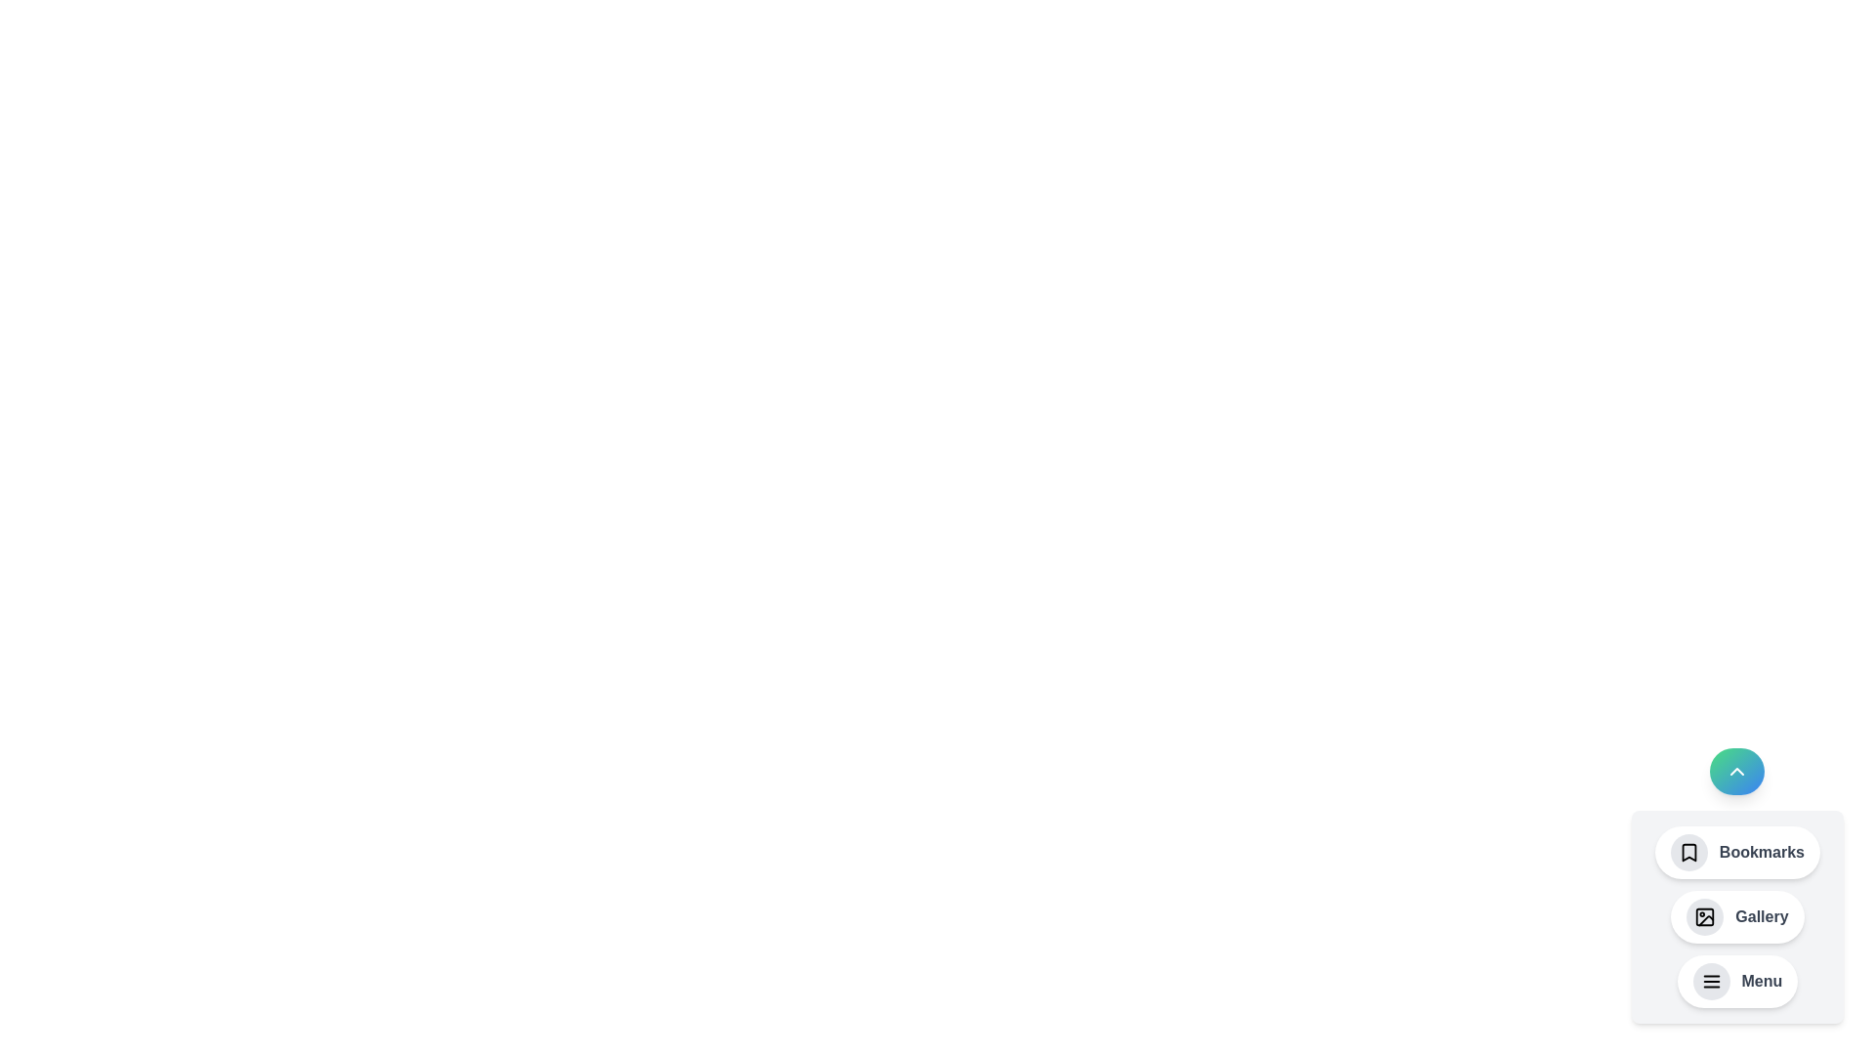 This screenshot has width=1875, height=1055. What do you see at coordinates (1737, 851) in the screenshot?
I see `the 'Bookmarks' option to view bookmarks` at bounding box center [1737, 851].